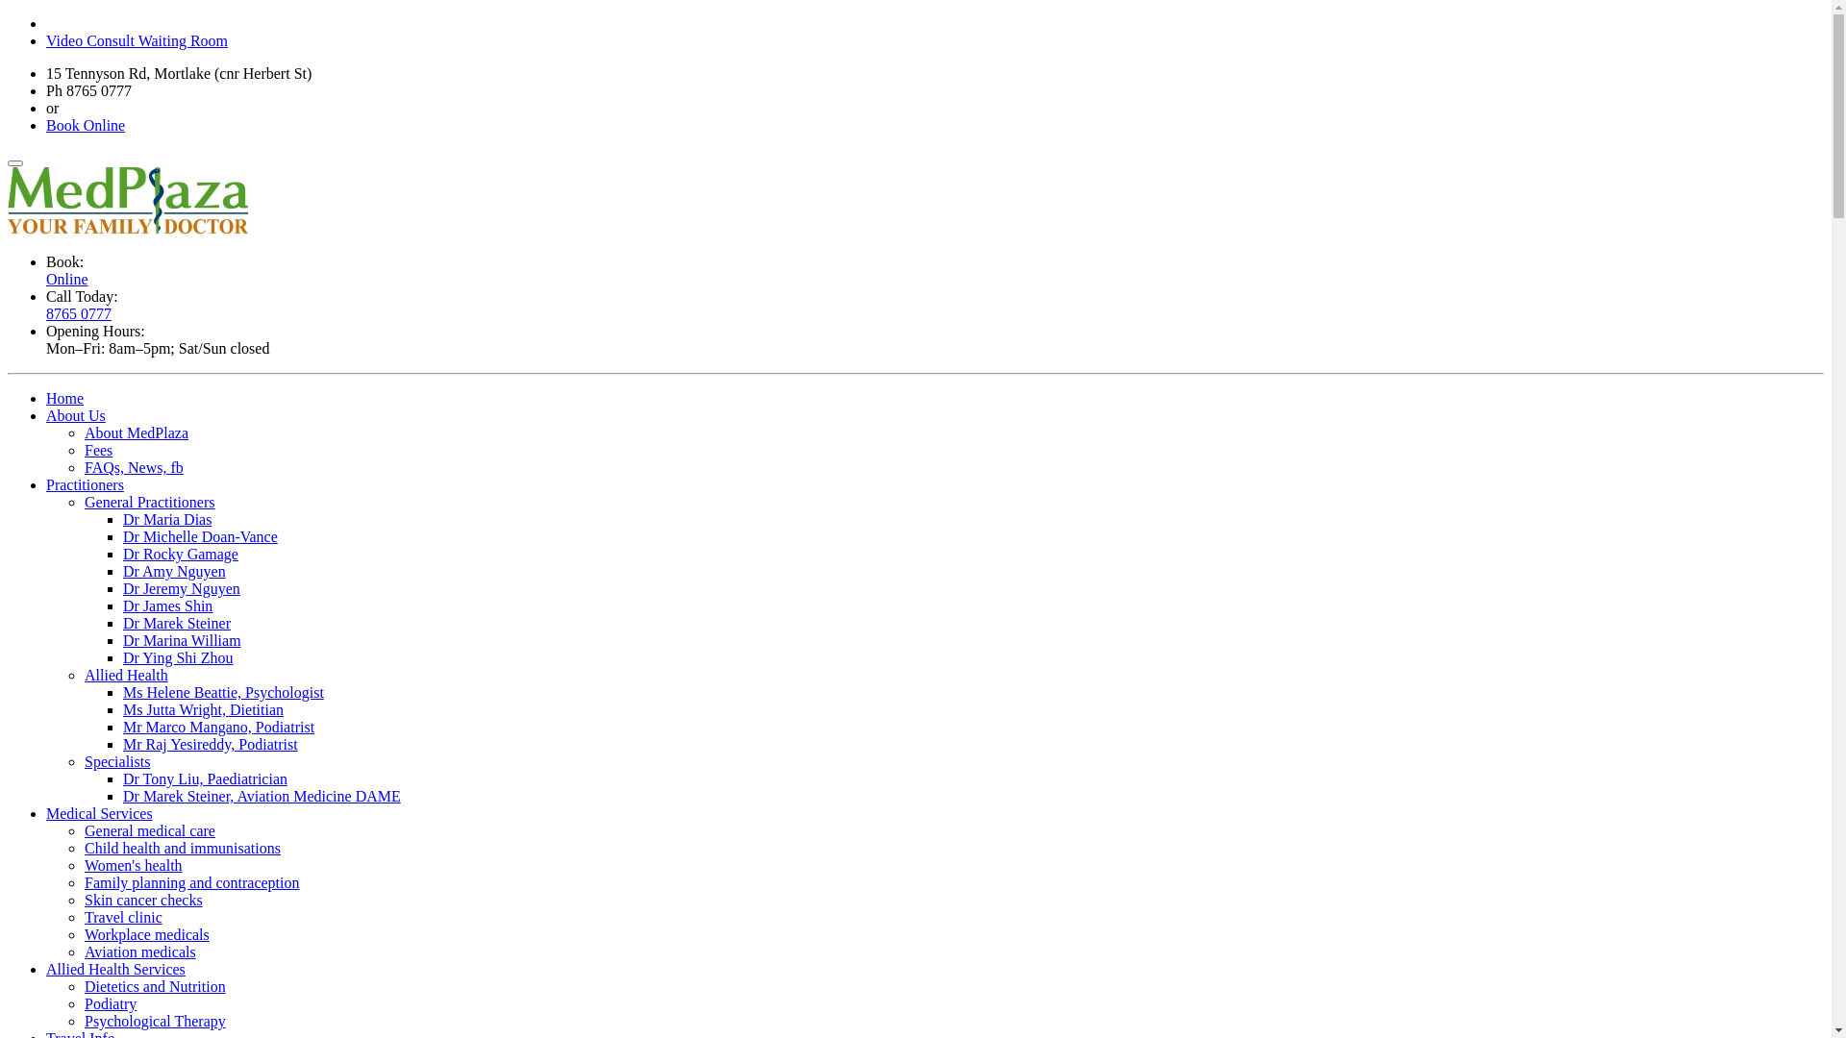 The width and height of the screenshot is (1846, 1038). I want to click on 'Dr Marek Steiner, Aviation Medicine DAME', so click(261, 796).